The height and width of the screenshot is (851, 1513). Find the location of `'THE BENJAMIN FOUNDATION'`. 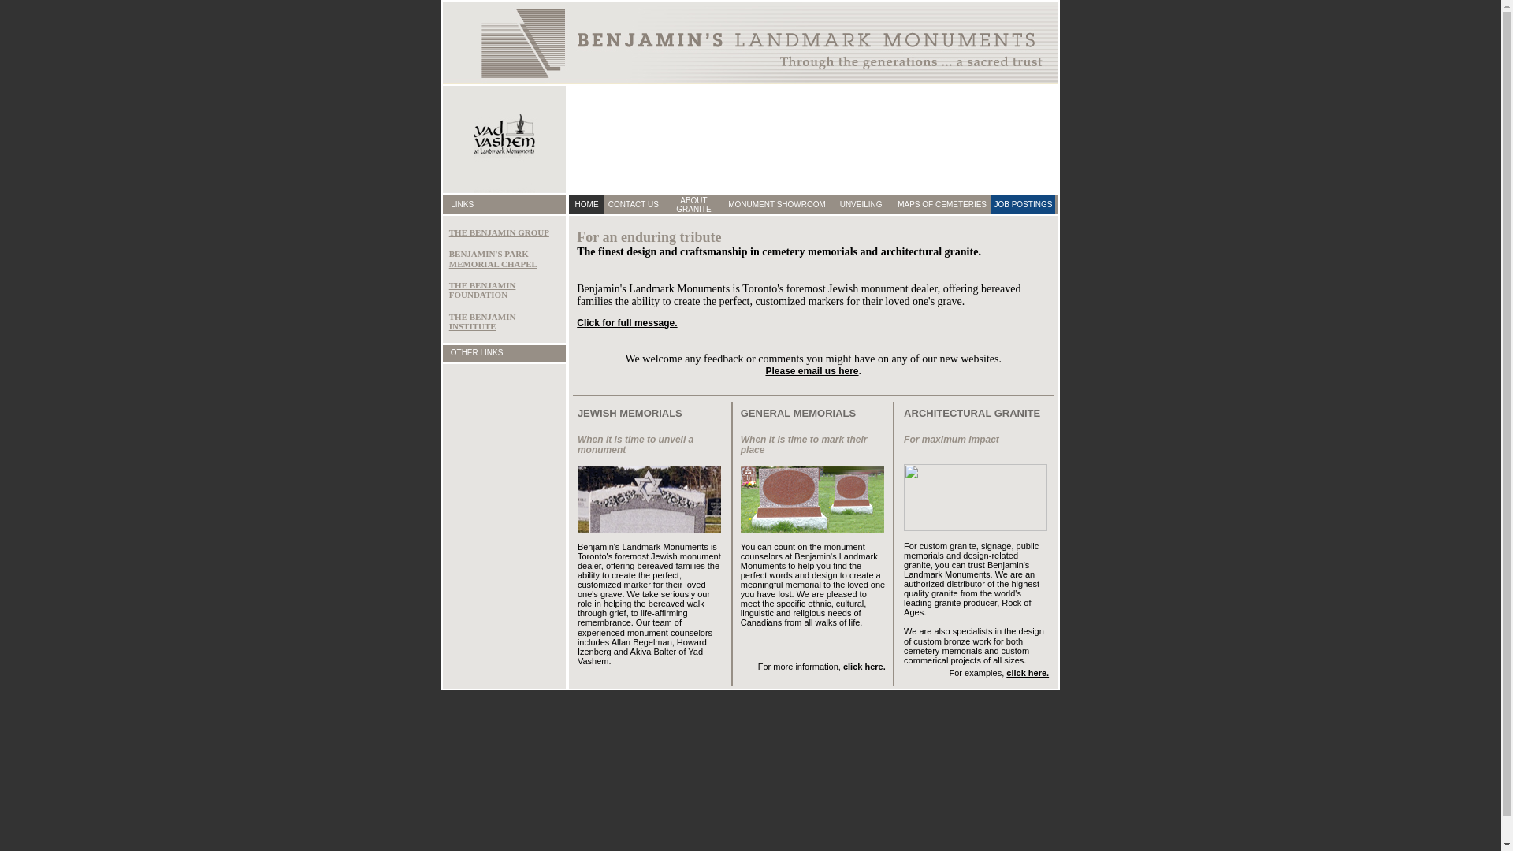

'THE BENJAMIN FOUNDATION' is located at coordinates (481, 289).